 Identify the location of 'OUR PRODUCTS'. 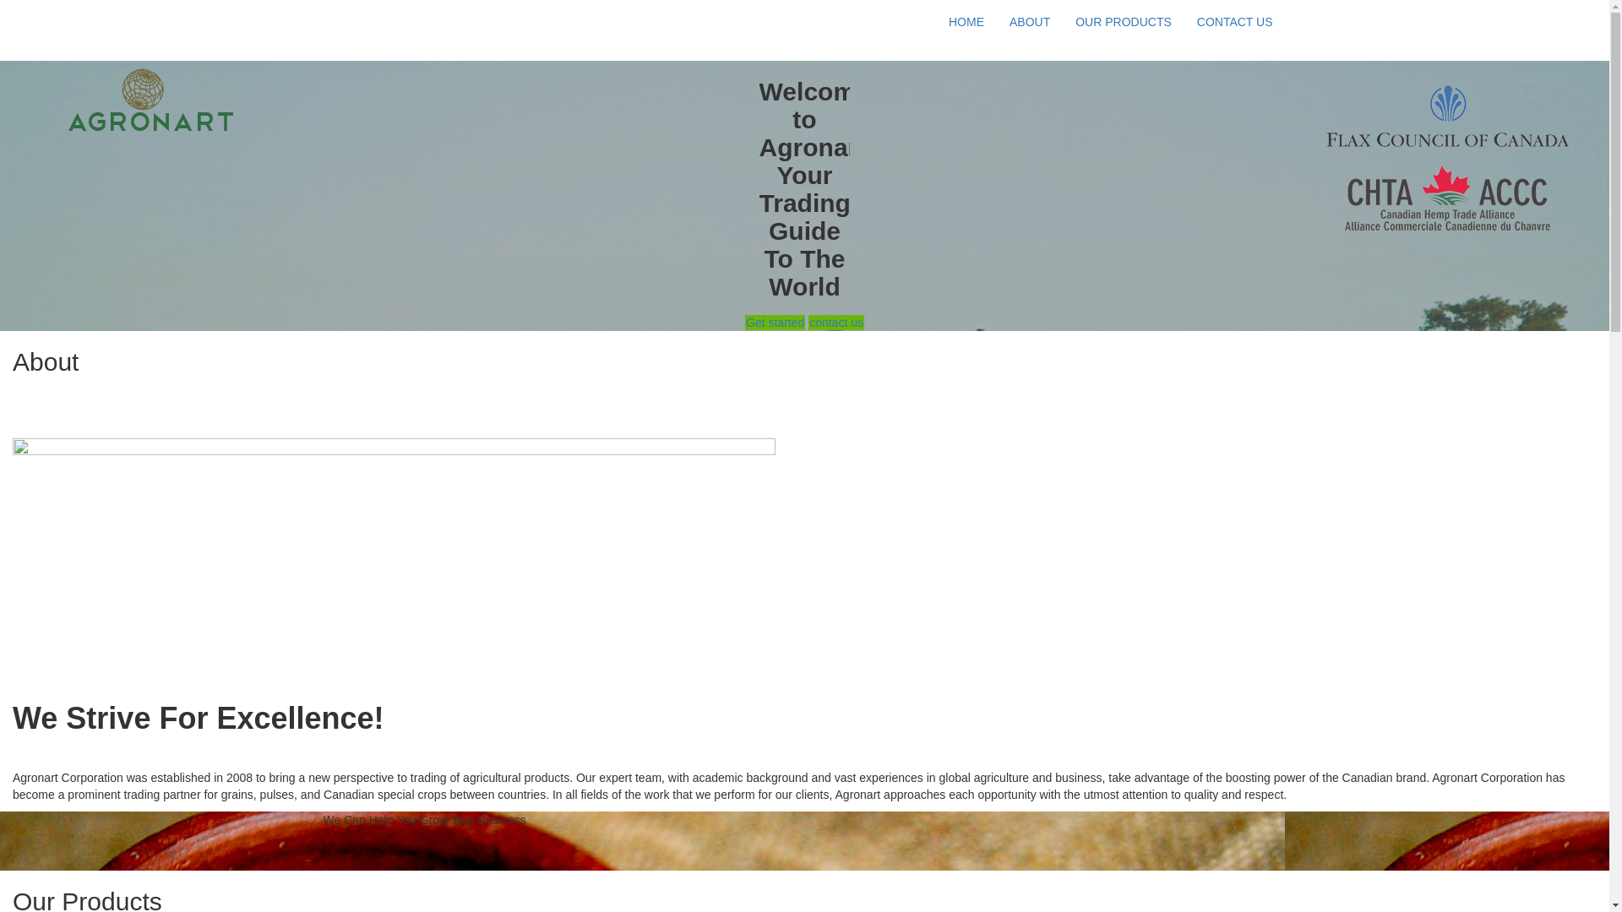
(1123, 22).